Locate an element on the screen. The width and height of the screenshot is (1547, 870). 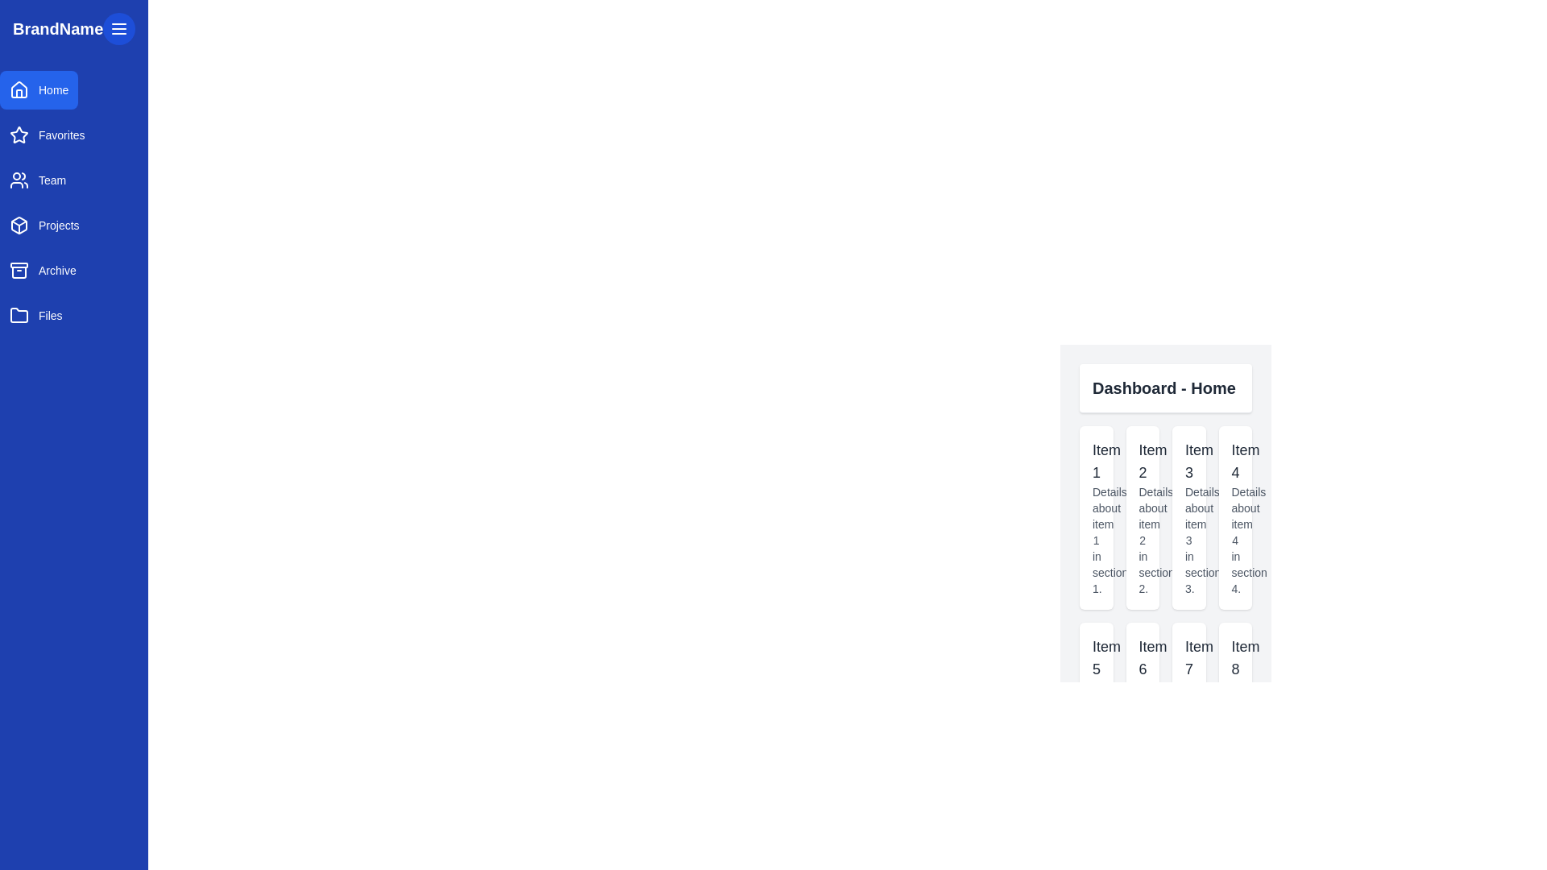
the 'BrandName' text label, which is styled in bold and large font, positioned in the top-left corner of the interface on a blue background is located at coordinates (58, 28).